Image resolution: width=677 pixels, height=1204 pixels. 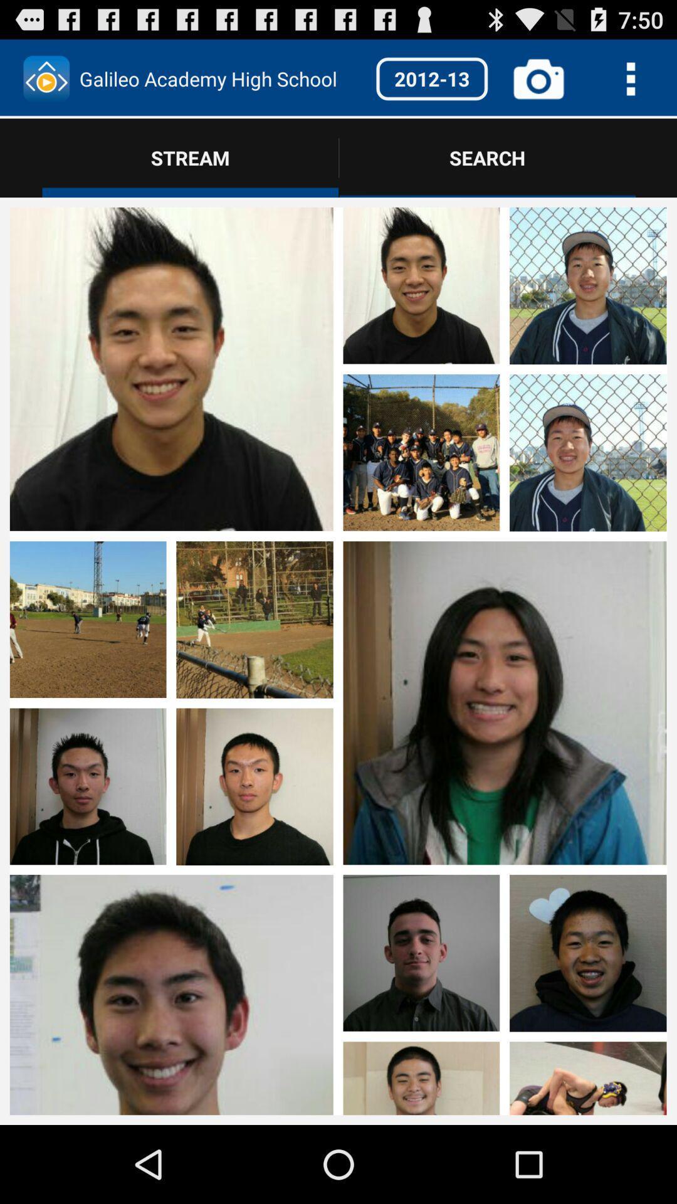 What do you see at coordinates (588, 620) in the screenshot?
I see `photo` at bounding box center [588, 620].